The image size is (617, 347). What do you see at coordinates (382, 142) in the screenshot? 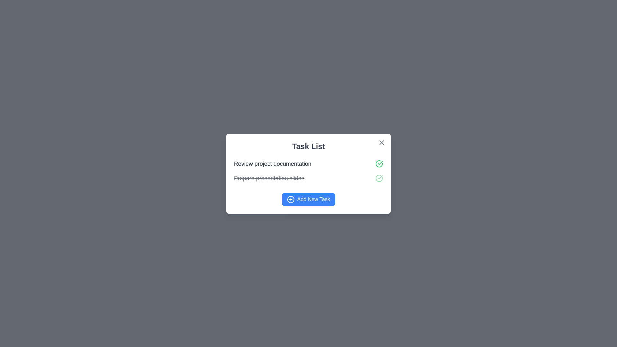
I see `the close button located at the top-right corner of the dialog` at bounding box center [382, 142].